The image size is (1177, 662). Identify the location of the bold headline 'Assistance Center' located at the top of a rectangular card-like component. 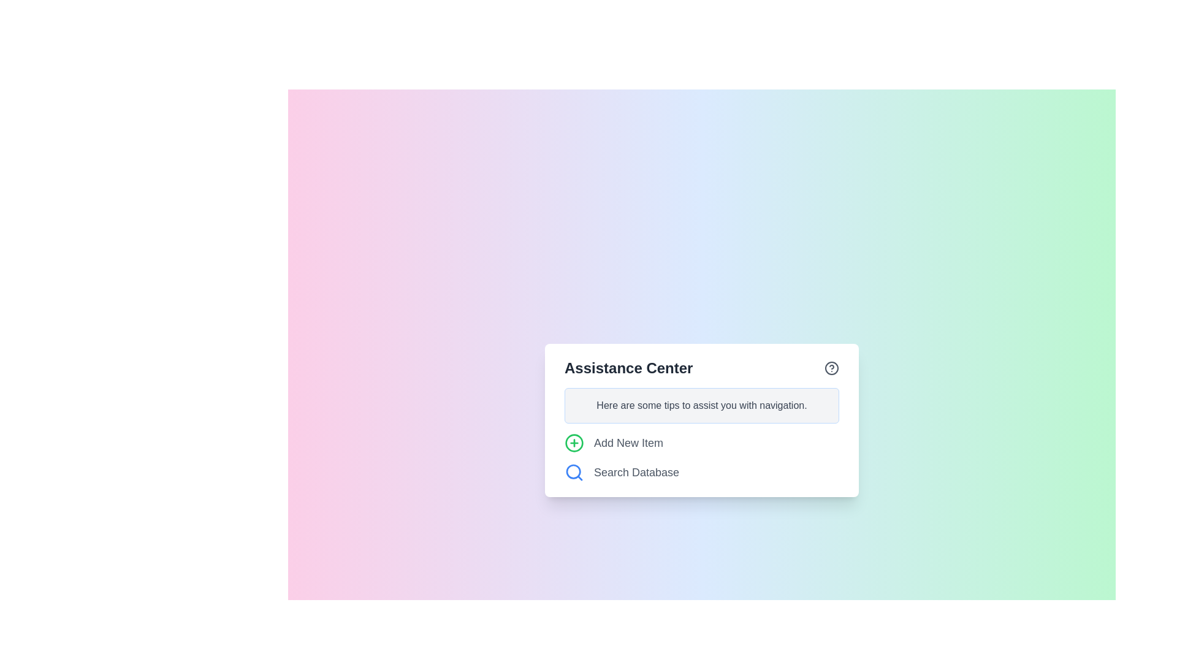
(628, 368).